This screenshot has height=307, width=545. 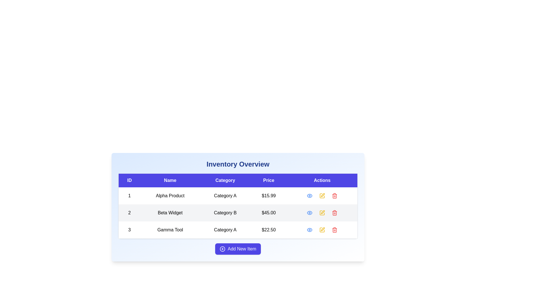 What do you see at coordinates (225, 180) in the screenshot?
I see `the 'Category' column header label in the table, which is the third header in the purple header bar, following 'ID' and 'Name'` at bounding box center [225, 180].